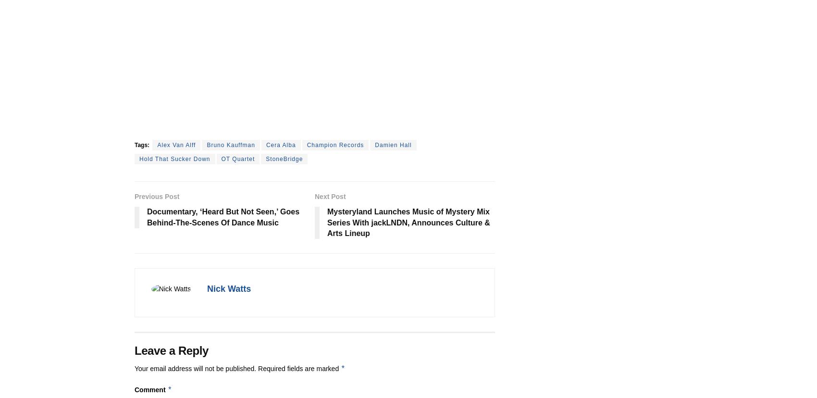  I want to click on 'Previous Post', so click(156, 196).